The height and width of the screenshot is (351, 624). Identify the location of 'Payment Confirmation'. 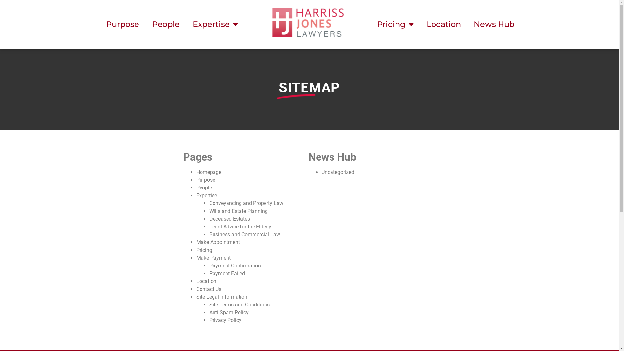
(235, 266).